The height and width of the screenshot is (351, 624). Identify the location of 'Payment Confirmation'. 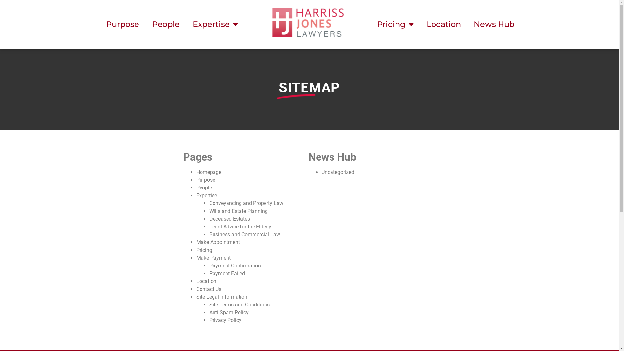
(235, 266).